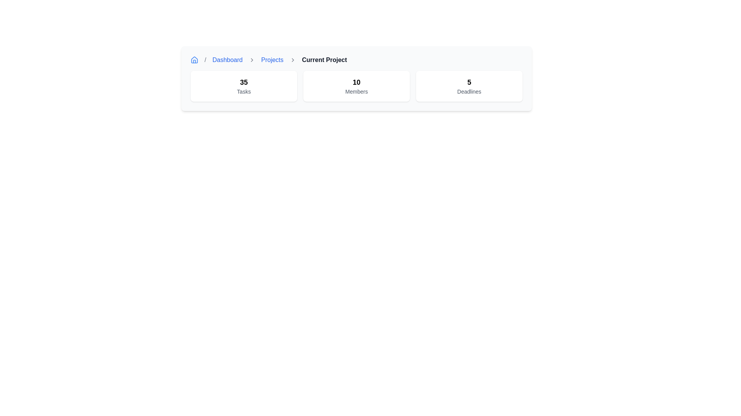 Image resolution: width=741 pixels, height=416 pixels. Describe the element at coordinates (195, 59) in the screenshot. I see `the 'Home' icon located at the far-left part of the breadcrumb navigation bar` at that location.